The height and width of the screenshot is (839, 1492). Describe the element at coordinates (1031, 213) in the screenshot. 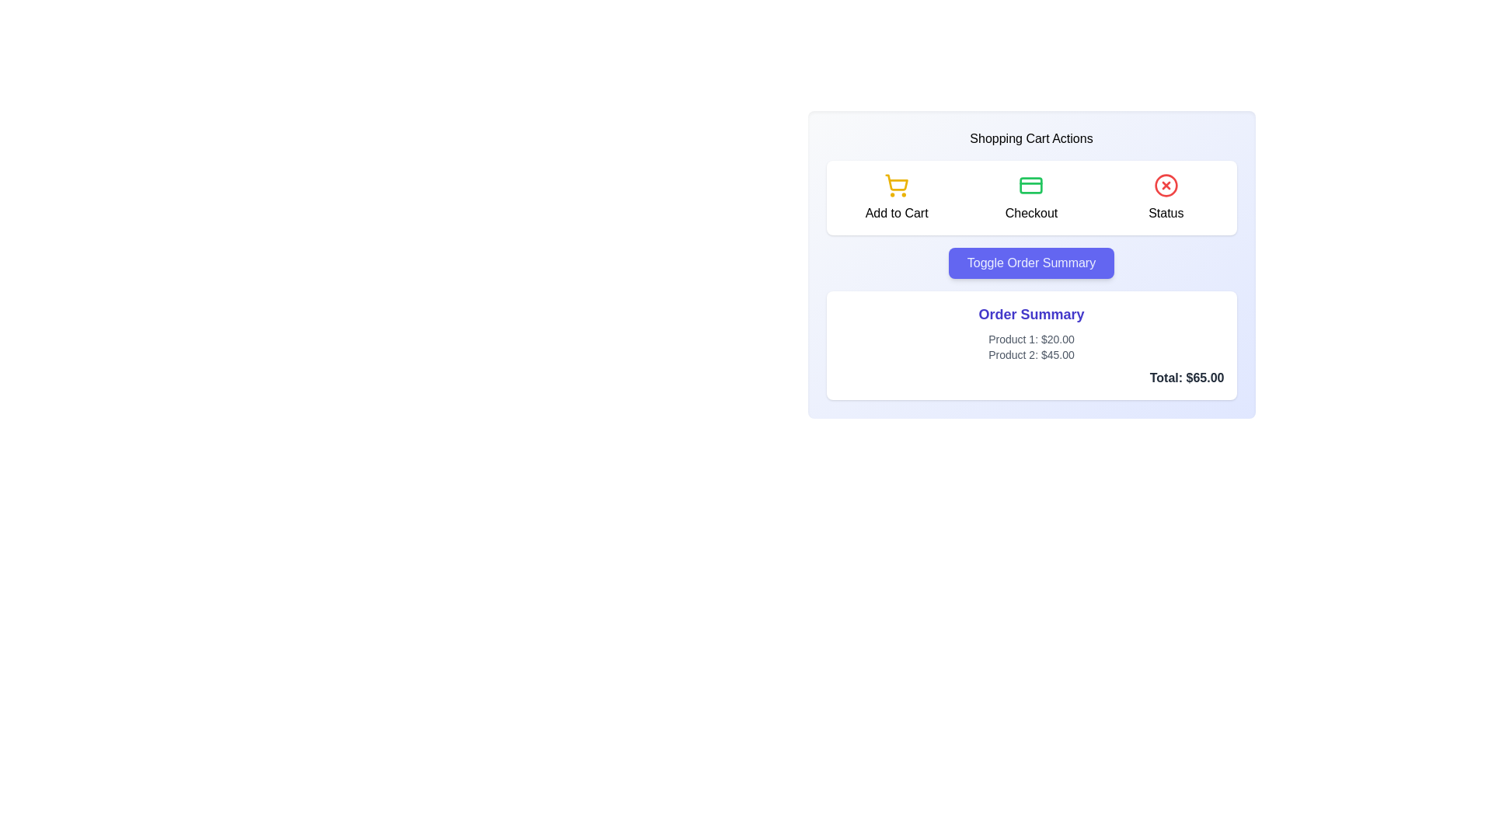

I see `the Text Label that serves as a button for initiating checkout processes in the shopping interface to proceed with the checkout` at that location.